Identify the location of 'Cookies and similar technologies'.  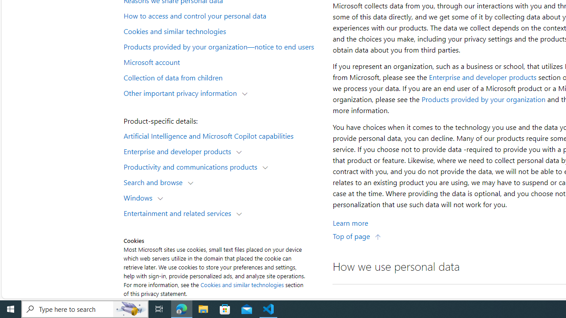
(242, 284).